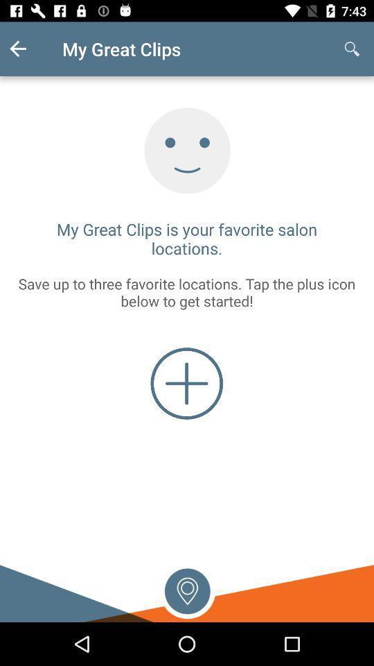  Describe the element at coordinates (186, 384) in the screenshot. I see `a favorite location` at that location.